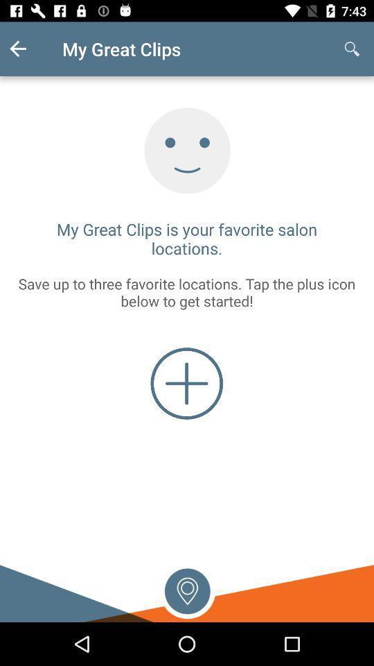  Describe the element at coordinates (186, 384) in the screenshot. I see `a favorite location` at that location.